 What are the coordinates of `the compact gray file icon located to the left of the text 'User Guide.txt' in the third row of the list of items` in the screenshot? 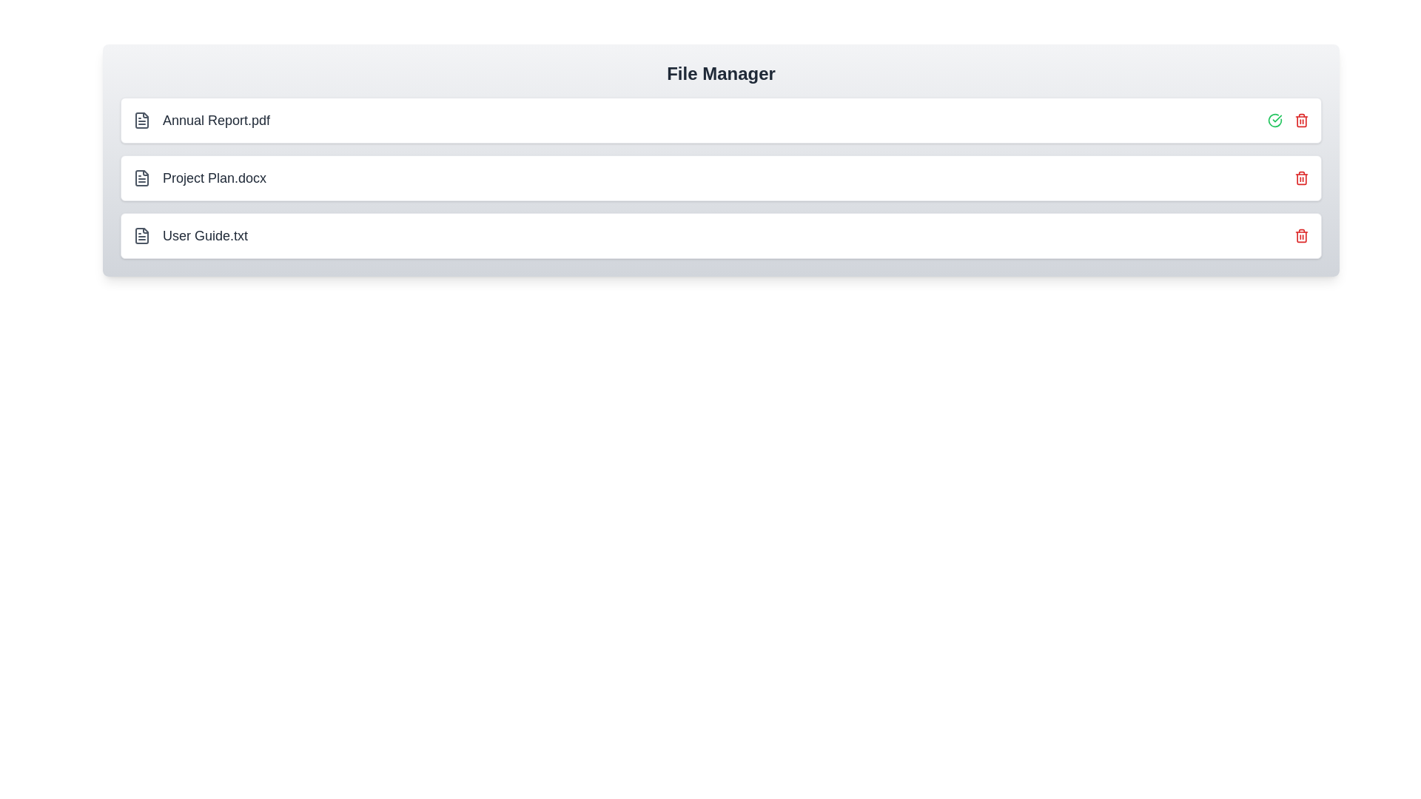 It's located at (142, 235).